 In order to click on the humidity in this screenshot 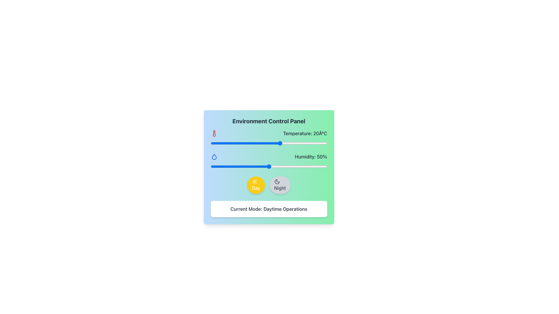, I will do `click(236, 167)`.